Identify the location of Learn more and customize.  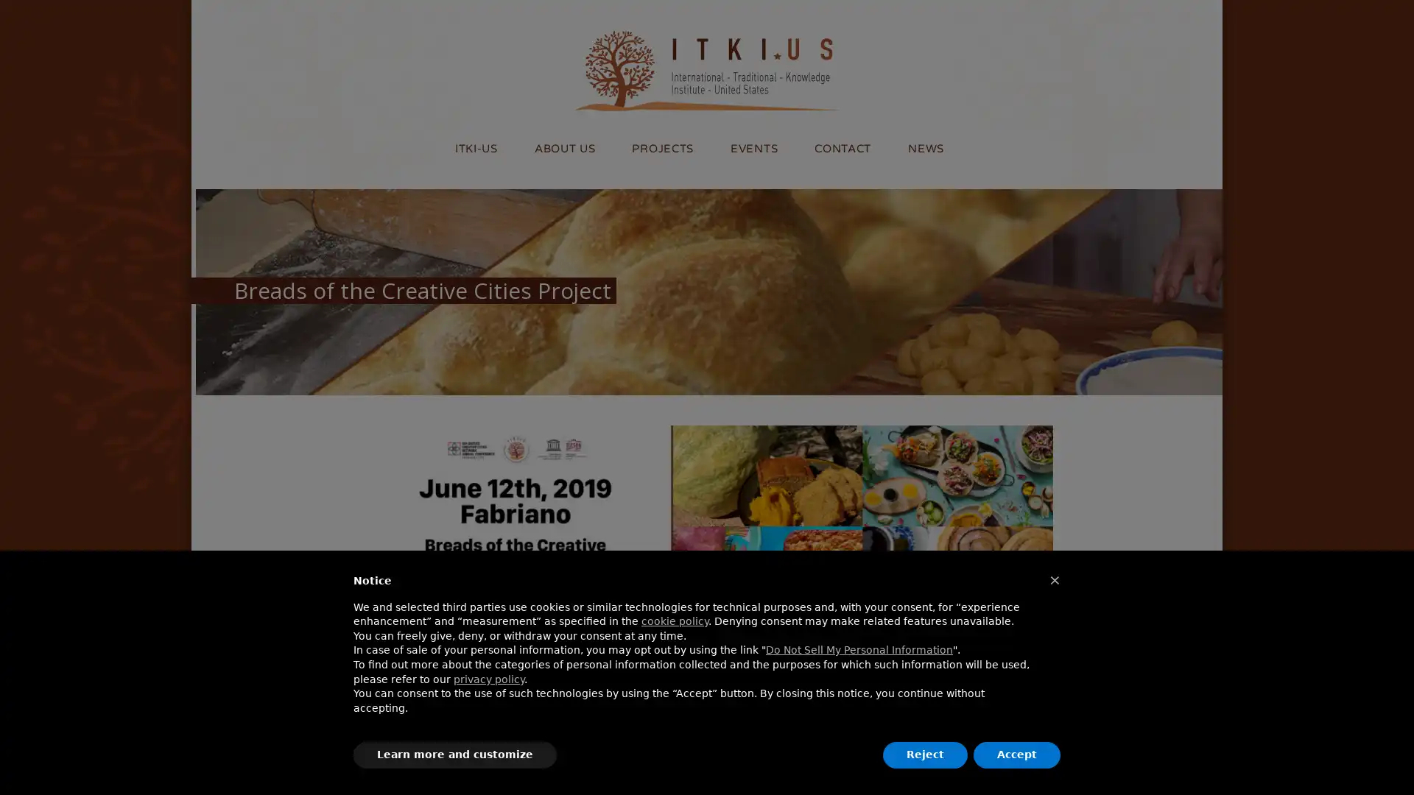
(454, 755).